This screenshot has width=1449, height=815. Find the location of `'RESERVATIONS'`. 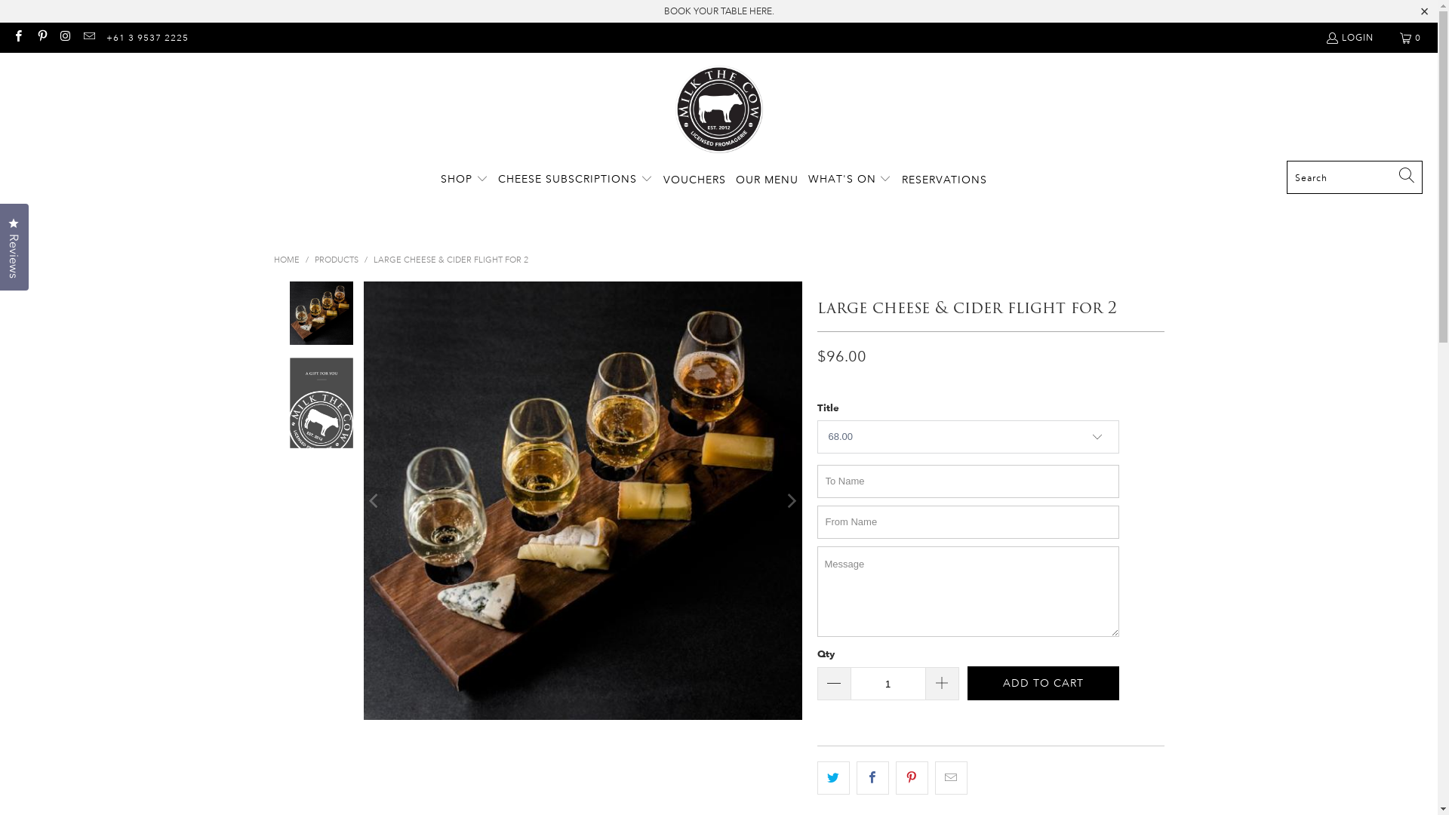

'RESERVATIONS' is located at coordinates (902, 179).